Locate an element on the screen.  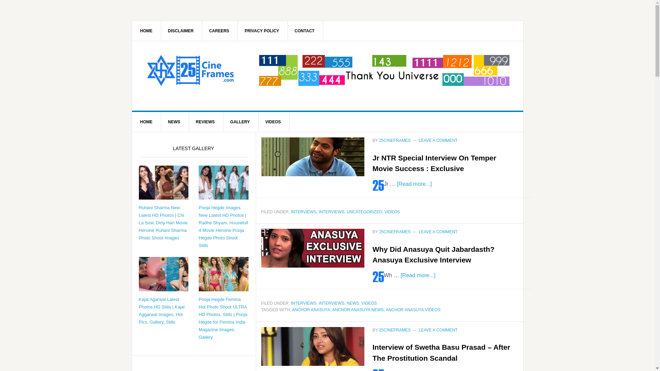
'VIDEOS' is located at coordinates (273, 121).